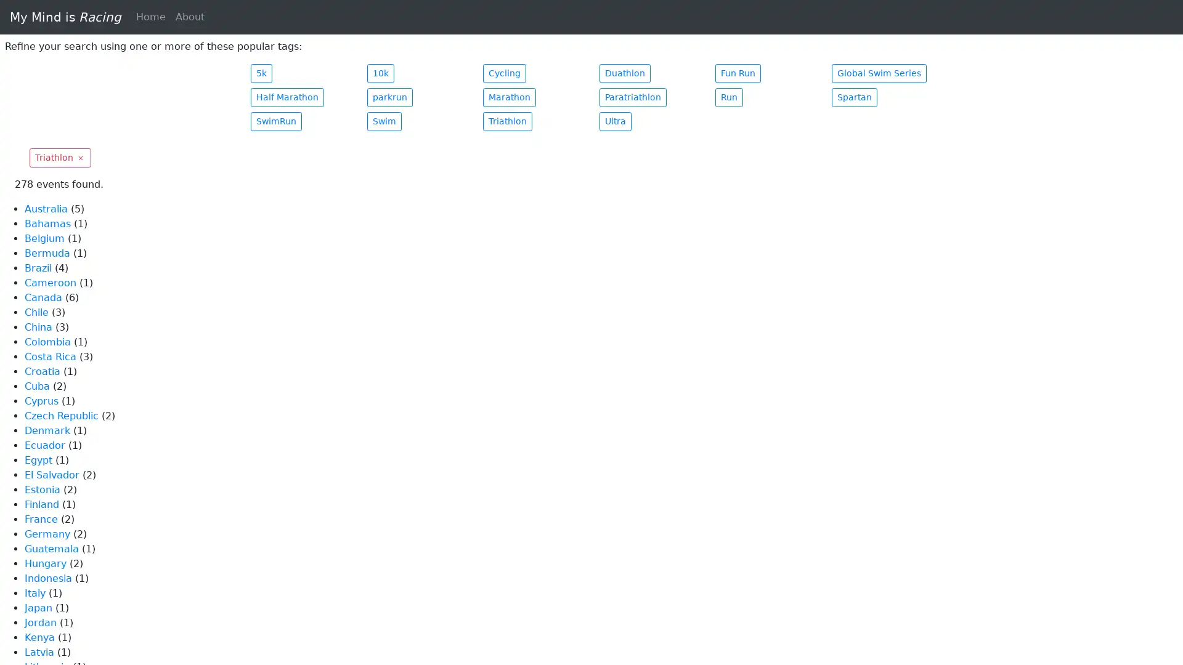 The width and height of the screenshot is (1183, 665). What do you see at coordinates (632, 97) in the screenshot?
I see `Paratriathlon` at bounding box center [632, 97].